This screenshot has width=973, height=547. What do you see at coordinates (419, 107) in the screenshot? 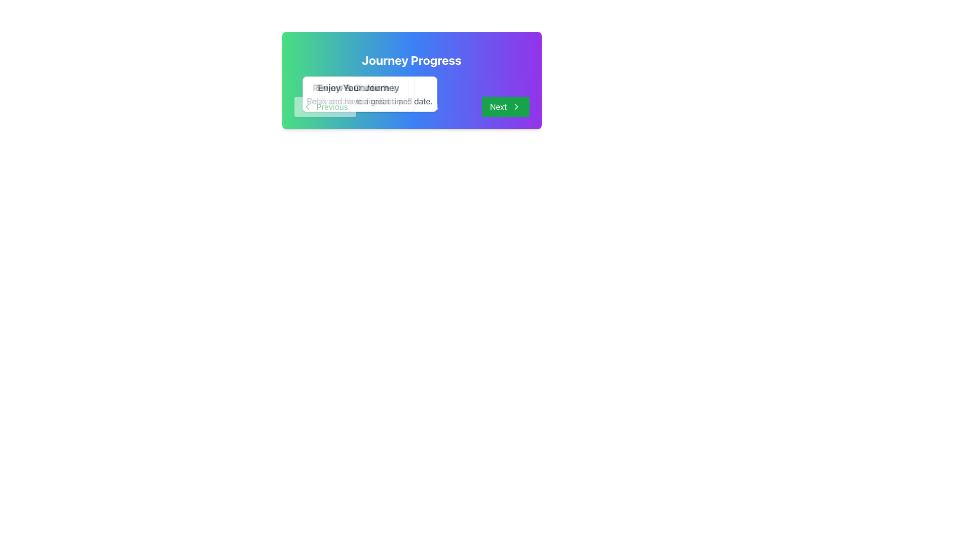
I see `the textual indicator that reads 'Step 1 of 4', which is centered within the card and positioned between the 'Previous' and 'Next' buttons` at bounding box center [419, 107].